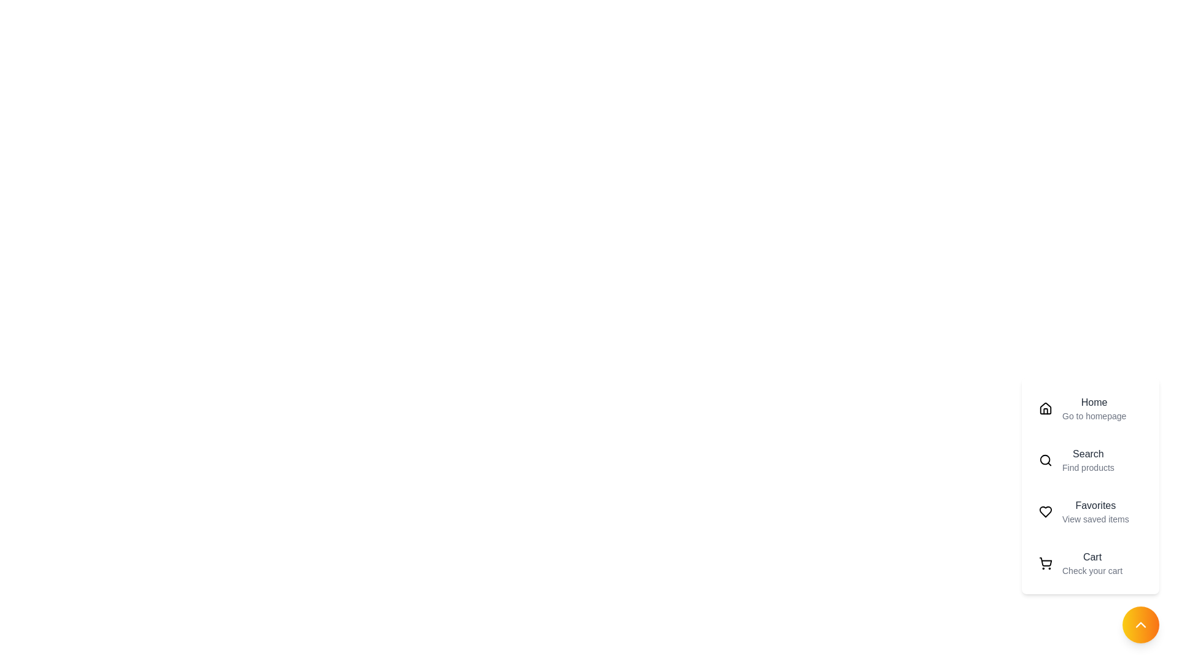 This screenshot has height=663, width=1179. I want to click on the menu item labeled Search to navigate, so click(1091, 460).